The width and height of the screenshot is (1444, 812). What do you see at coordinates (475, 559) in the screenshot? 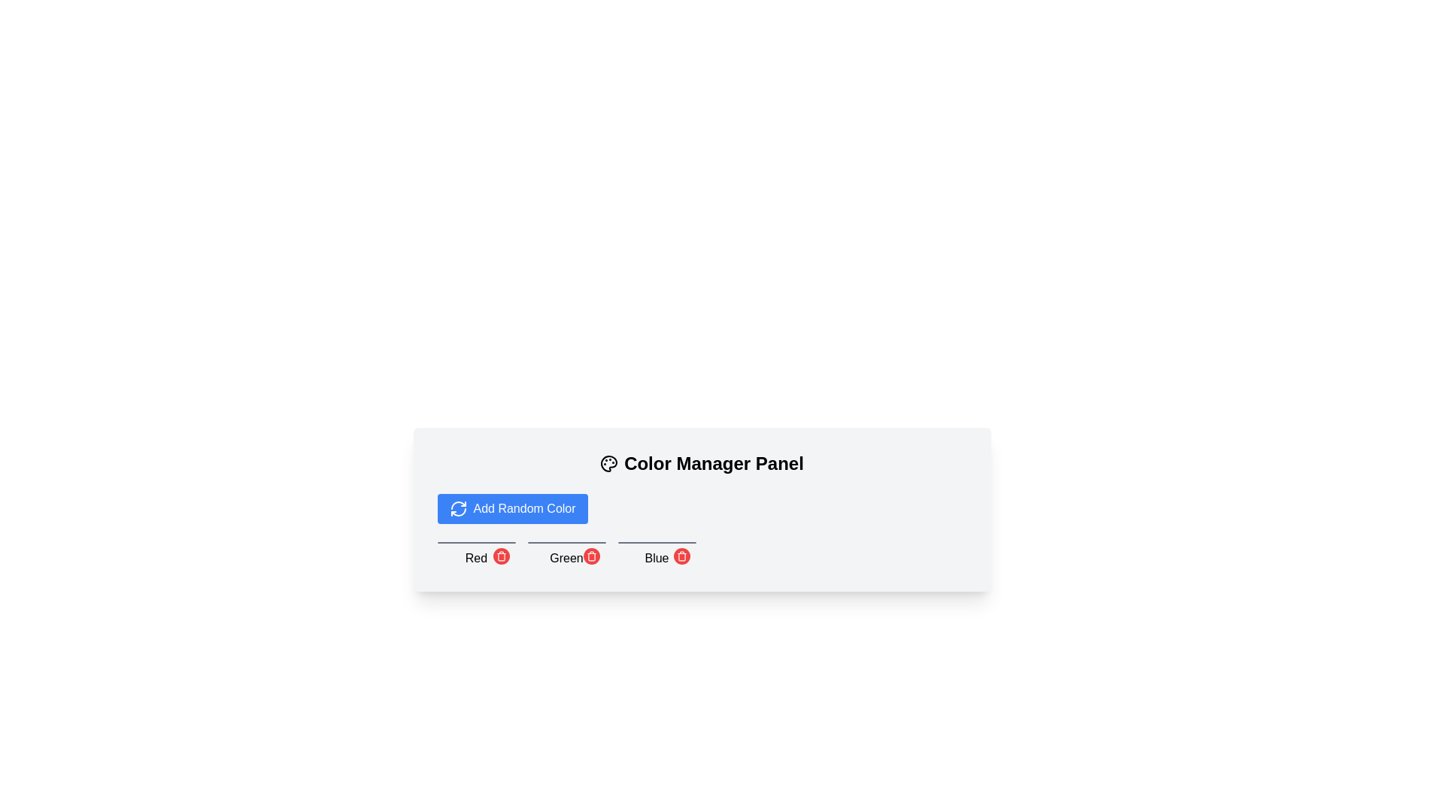
I see `the text label that identifies the color red in the color management interface, which is located below the 'Add Random Color' button and to the left of the 'Green' label` at bounding box center [475, 559].